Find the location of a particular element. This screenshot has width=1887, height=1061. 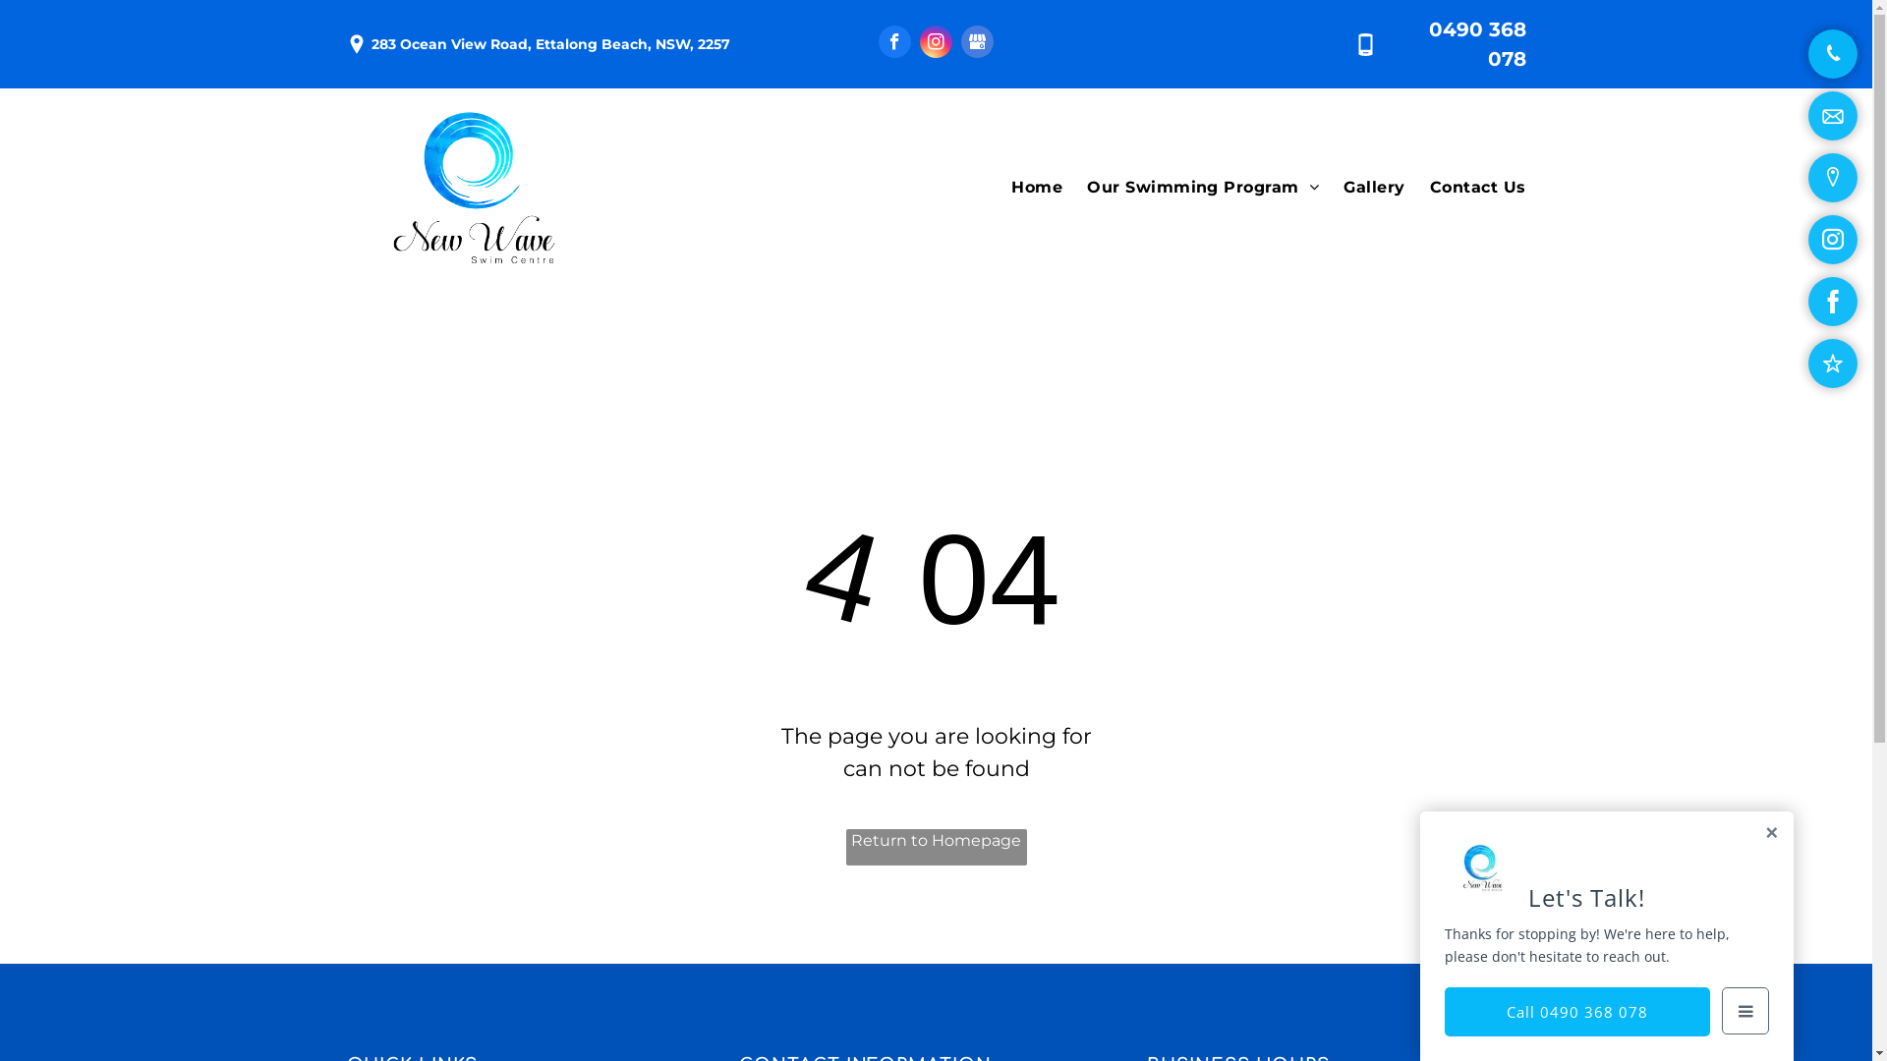

'Gallery' is located at coordinates (1360, 188).